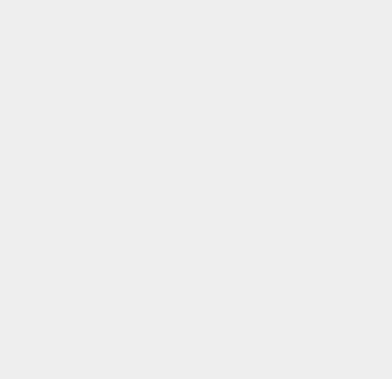 This screenshot has height=379, width=392. What do you see at coordinates (277, 58) in the screenshot?
I see `'Microsoft'` at bounding box center [277, 58].